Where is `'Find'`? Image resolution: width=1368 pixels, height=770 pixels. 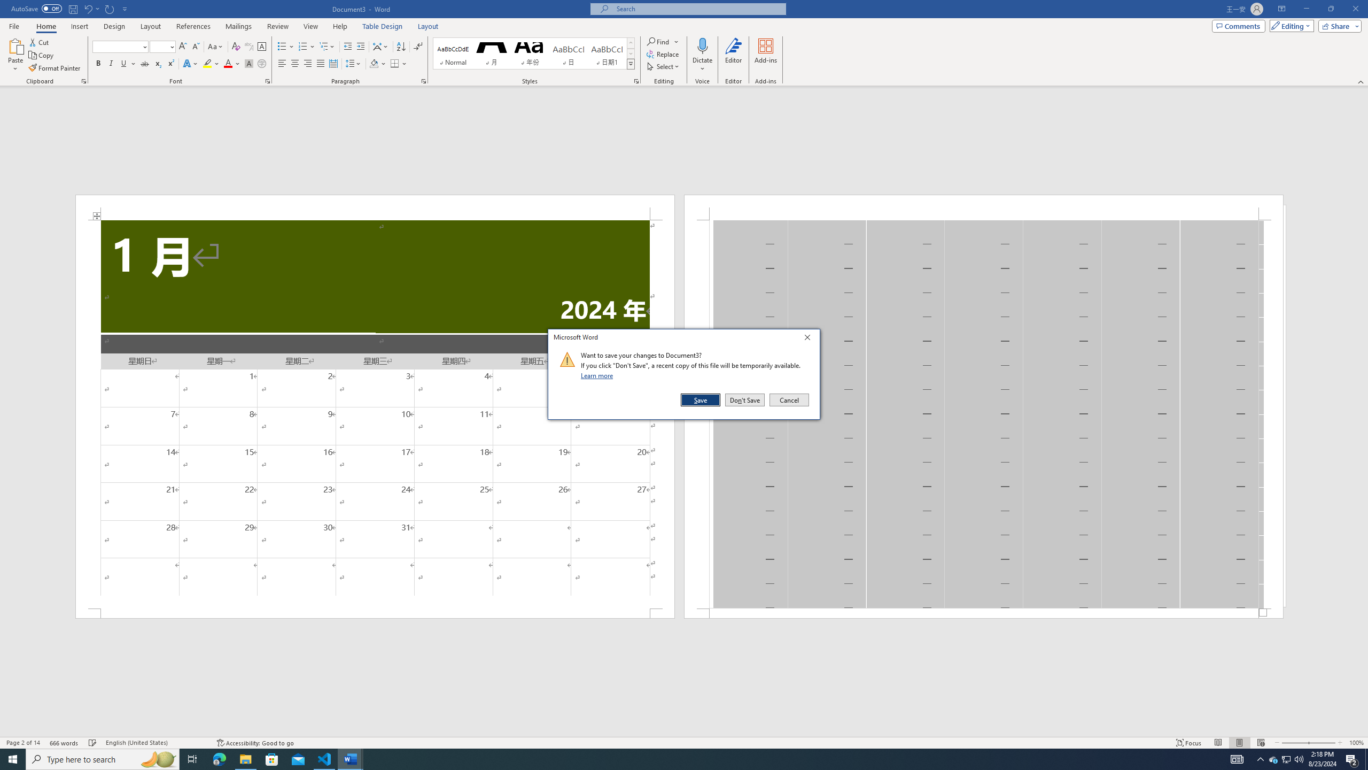 'Find' is located at coordinates (662, 41).